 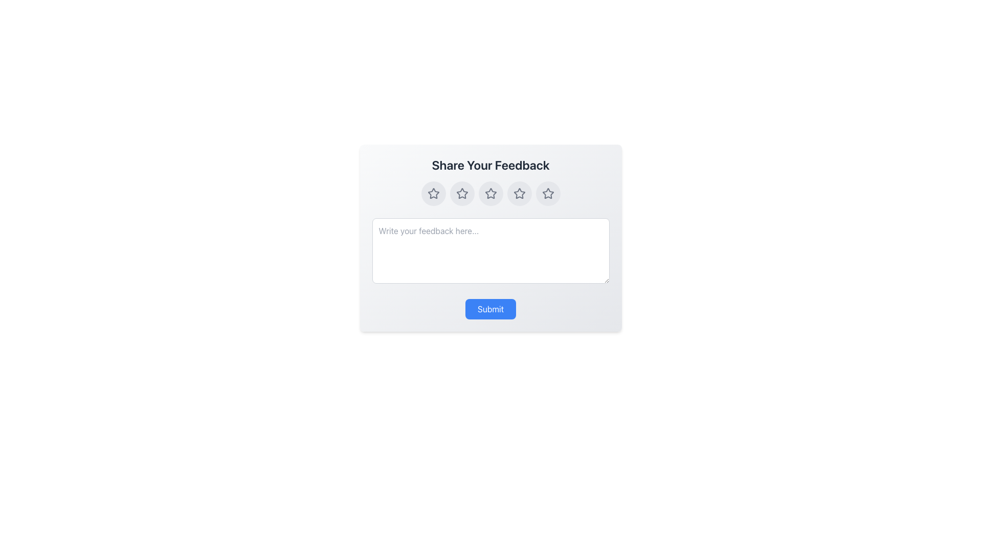 What do you see at coordinates (490, 309) in the screenshot?
I see `the 'Submit' button, which is a blue rectangular button with rounded corners and white text at the bottom-center of the feedback submission form` at bounding box center [490, 309].